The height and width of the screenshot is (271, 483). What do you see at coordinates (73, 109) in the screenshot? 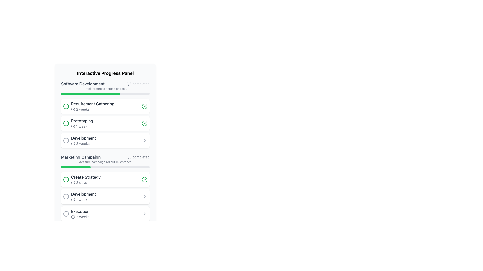
I see `the small circular clock icon with thin lines located next to the text '2 weeks' in the 'Requirement Gathering' list item under 'Software Development'` at bounding box center [73, 109].